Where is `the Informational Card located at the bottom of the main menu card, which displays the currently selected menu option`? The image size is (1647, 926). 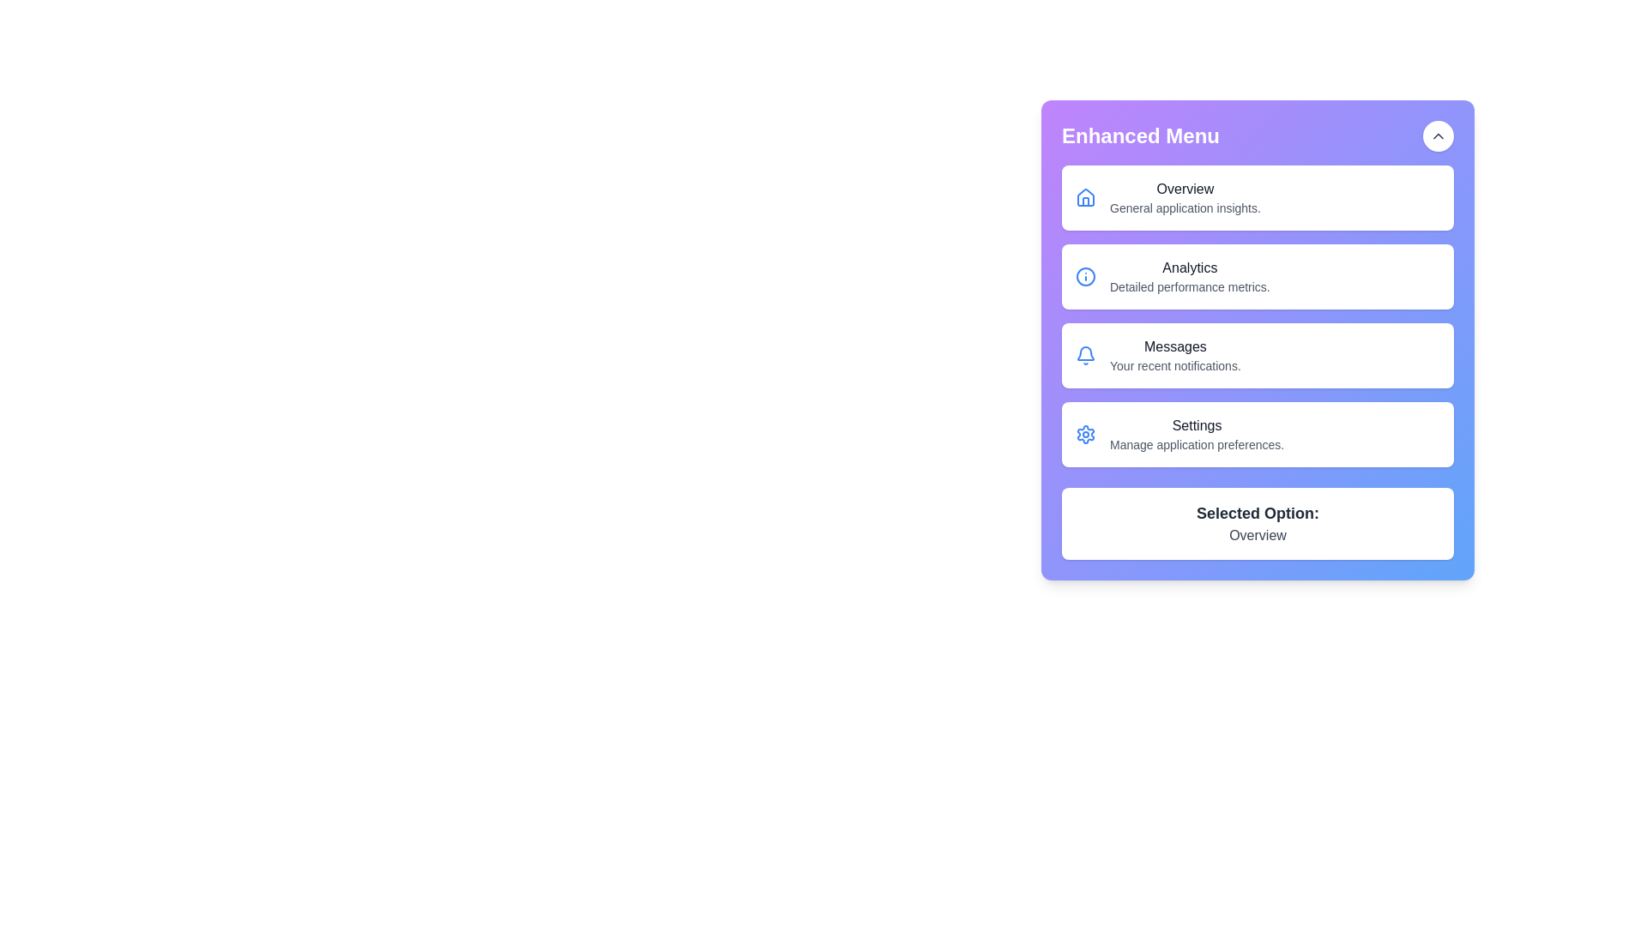
the Informational Card located at the bottom of the main menu card, which displays the currently selected menu option is located at coordinates (1258, 522).